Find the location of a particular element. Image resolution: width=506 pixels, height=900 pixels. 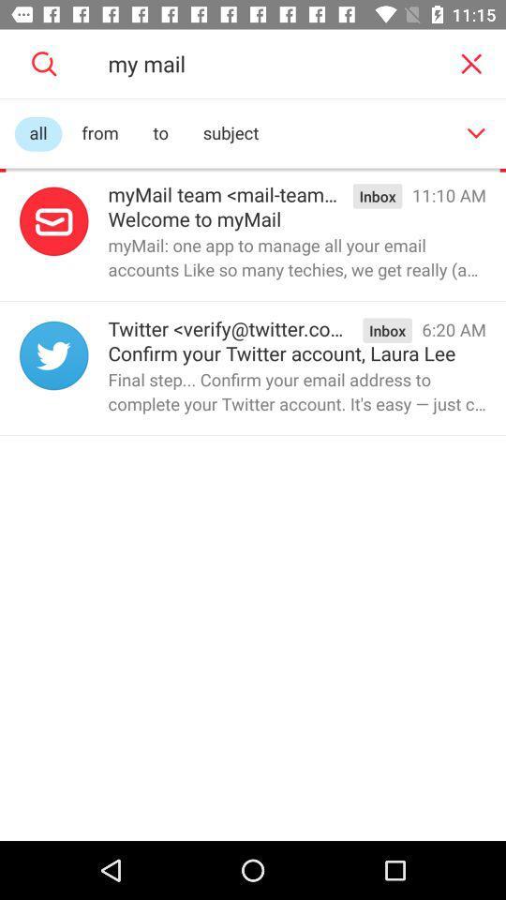

from item is located at coordinates (100, 133).